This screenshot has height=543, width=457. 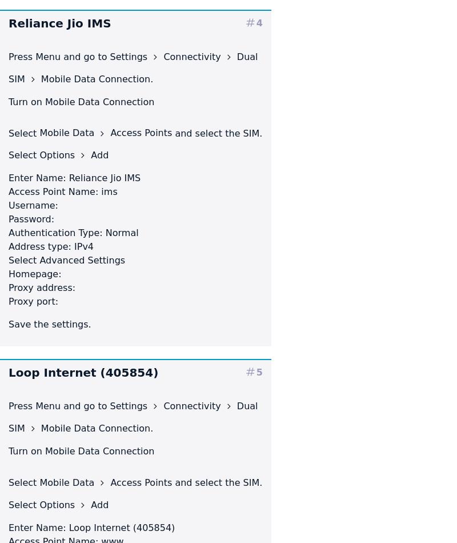 I want to click on 'Proxy address:', so click(x=8, y=288).